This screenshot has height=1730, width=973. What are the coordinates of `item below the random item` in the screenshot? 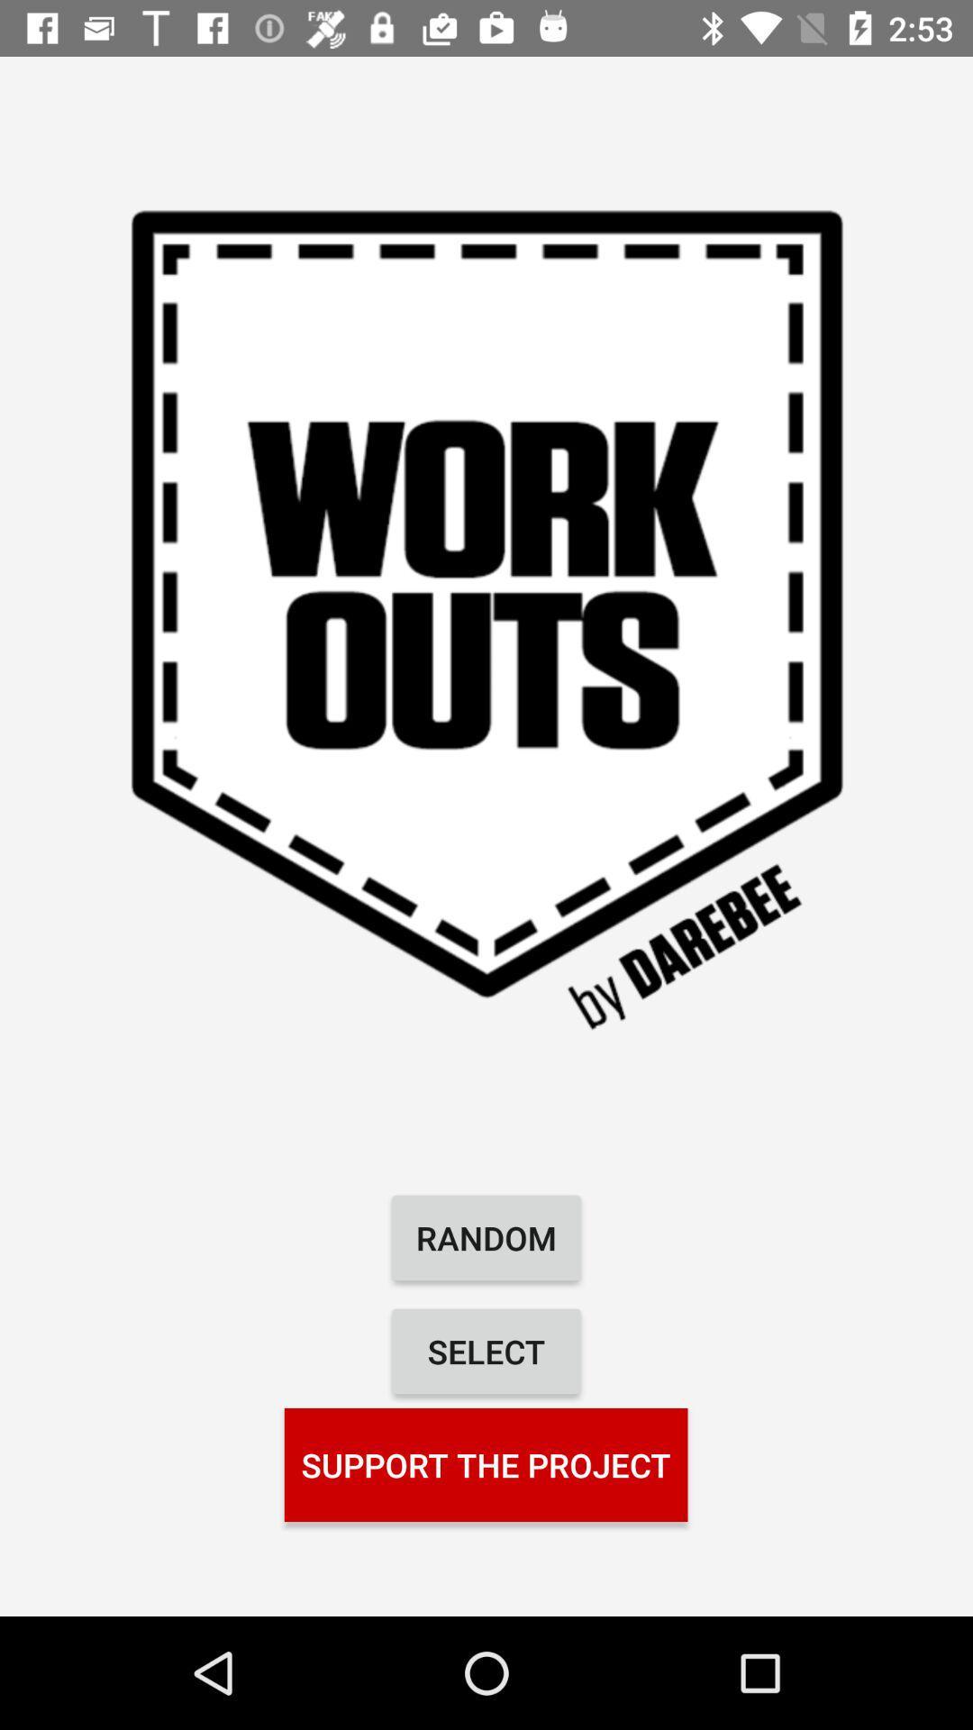 It's located at (486, 1351).